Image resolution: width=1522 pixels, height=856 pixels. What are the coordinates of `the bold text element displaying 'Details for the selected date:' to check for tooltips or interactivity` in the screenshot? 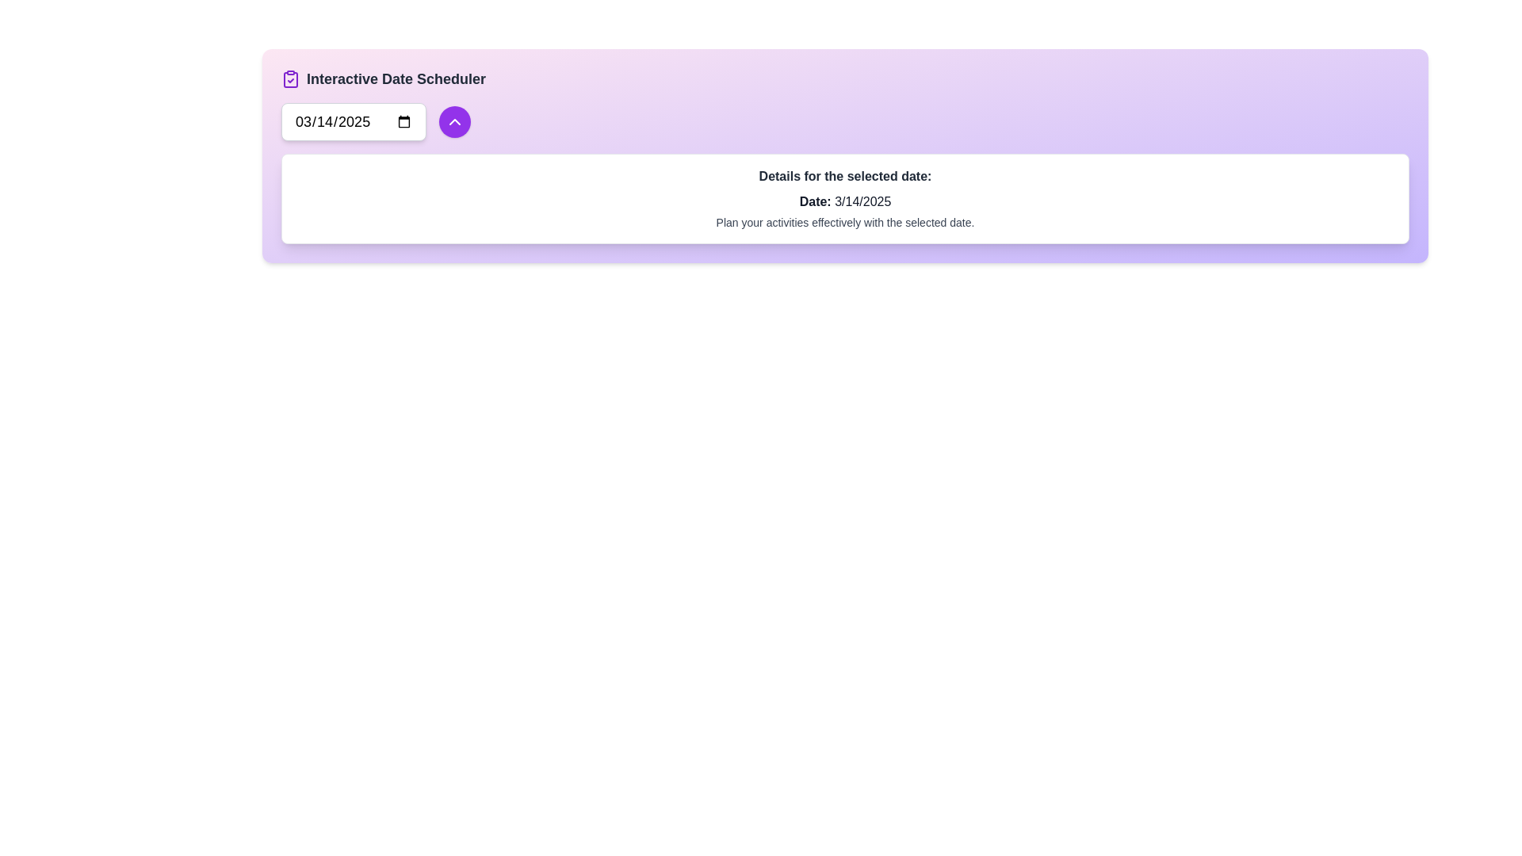 It's located at (844, 177).